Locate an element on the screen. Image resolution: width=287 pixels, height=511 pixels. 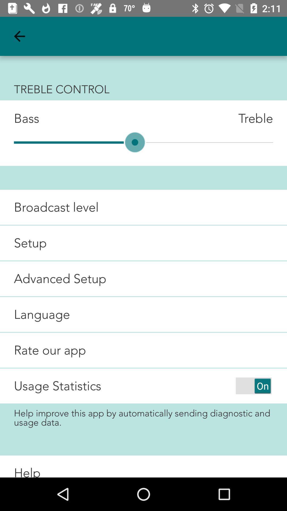
the icon above help improve this item is located at coordinates (57, 386).